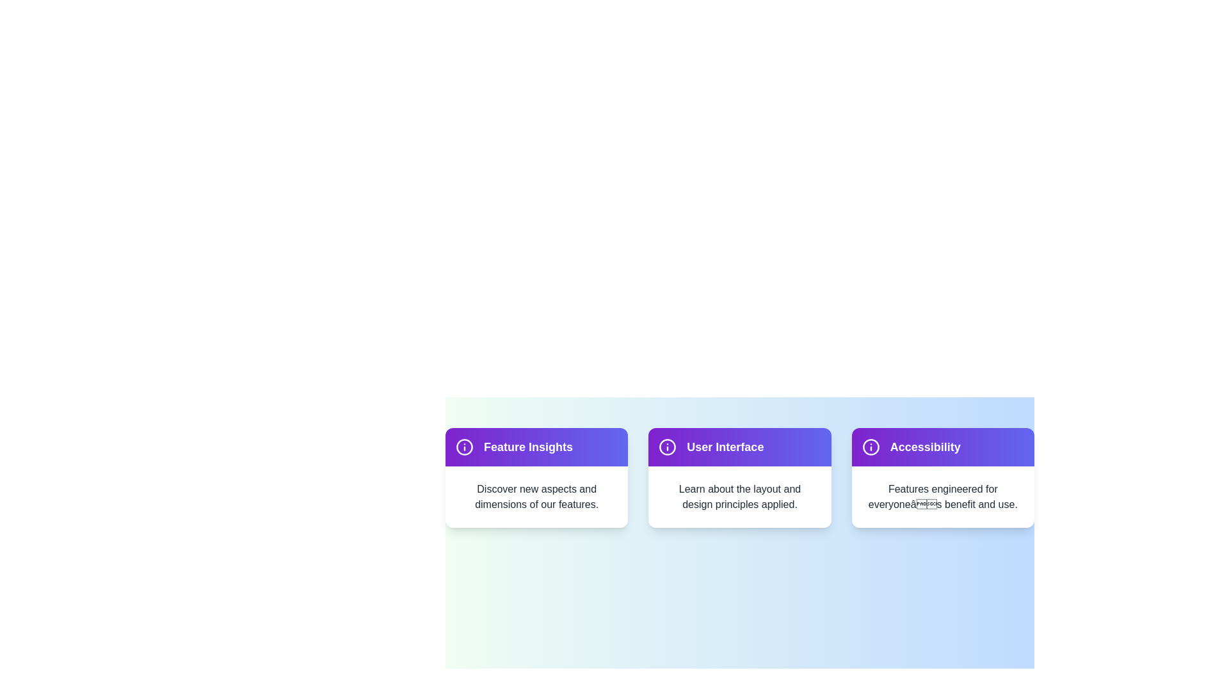  Describe the element at coordinates (740, 446) in the screenshot. I see `the central button labeled 'User Interface' with a gradient background and an information icon` at that location.